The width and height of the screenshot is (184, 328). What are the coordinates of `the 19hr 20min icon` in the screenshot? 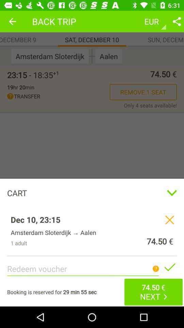 It's located at (20, 87).